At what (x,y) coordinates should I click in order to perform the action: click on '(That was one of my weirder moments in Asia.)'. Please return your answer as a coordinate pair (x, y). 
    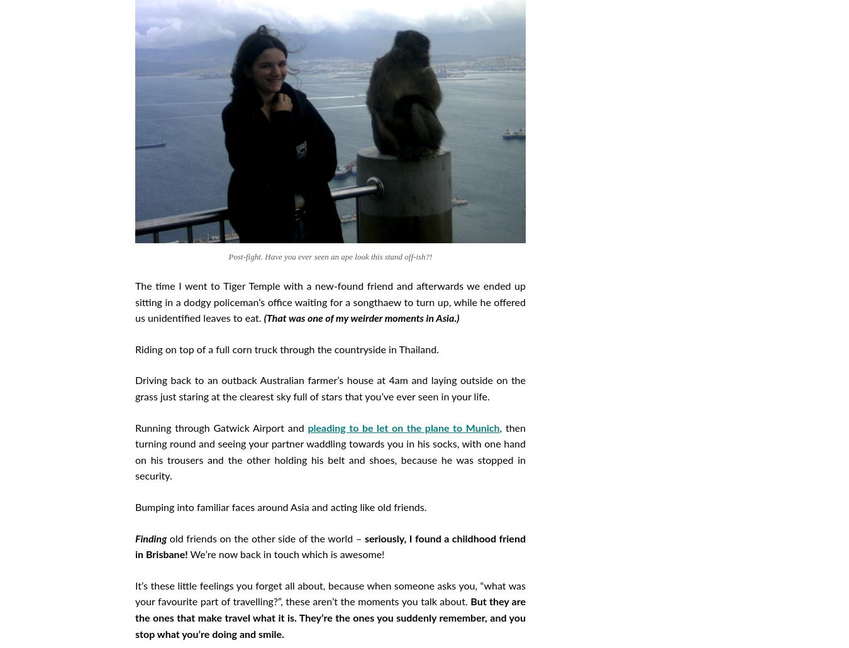
    Looking at the image, I should click on (264, 319).